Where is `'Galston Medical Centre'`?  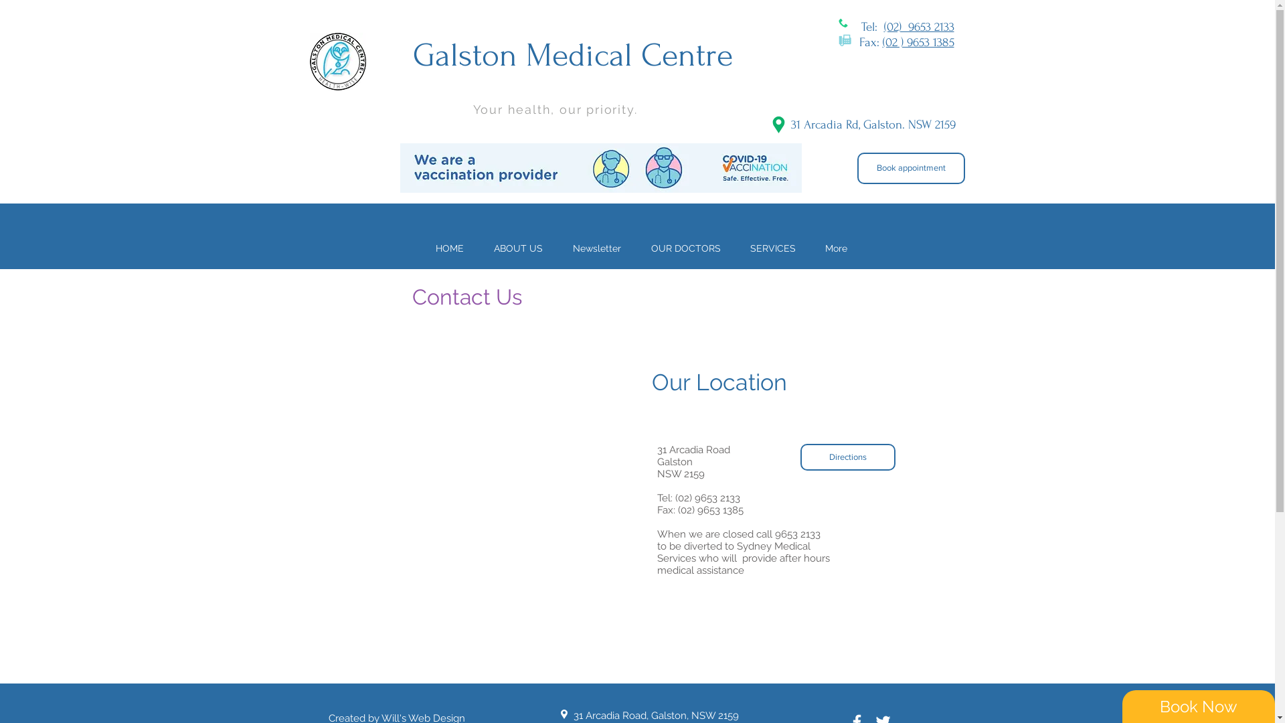
'Galston Medical Centre' is located at coordinates (572, 54).